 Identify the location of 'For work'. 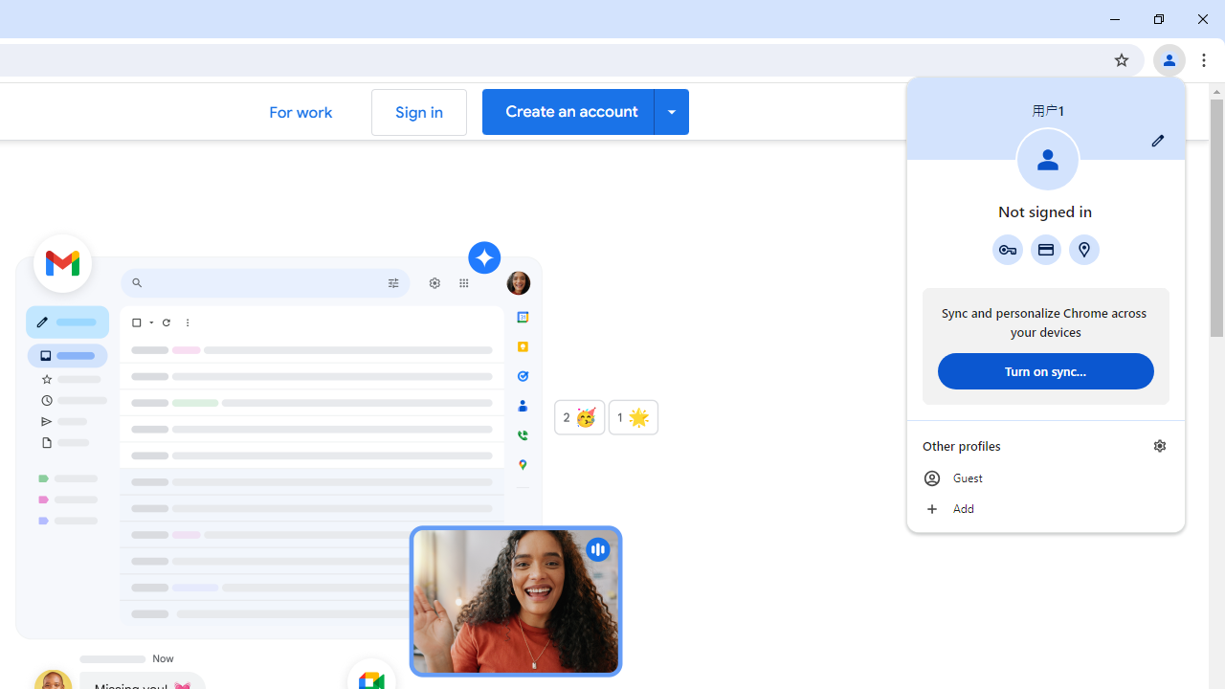
(300, 112).